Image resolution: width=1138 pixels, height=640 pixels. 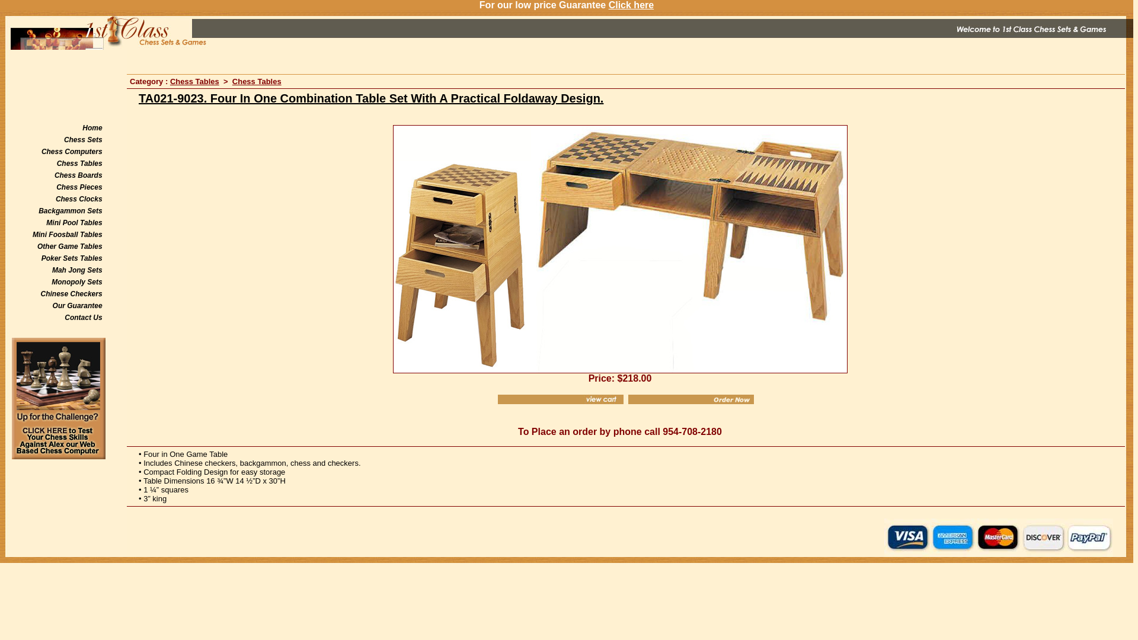 I want to click on 'Other Game Tables', so click(x=69, y=246).